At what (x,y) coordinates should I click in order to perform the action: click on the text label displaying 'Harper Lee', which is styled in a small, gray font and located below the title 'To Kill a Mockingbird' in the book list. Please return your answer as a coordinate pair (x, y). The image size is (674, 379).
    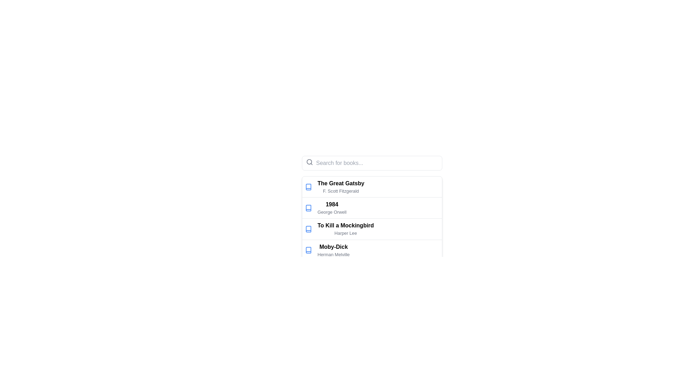
    Looking at the image, I should click on (345, 233).